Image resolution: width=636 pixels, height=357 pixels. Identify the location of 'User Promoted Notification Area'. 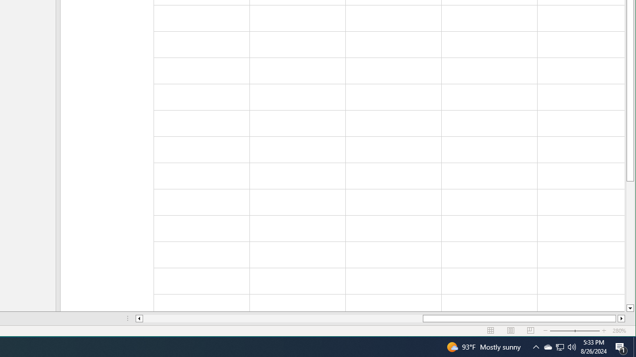
(560, 346).